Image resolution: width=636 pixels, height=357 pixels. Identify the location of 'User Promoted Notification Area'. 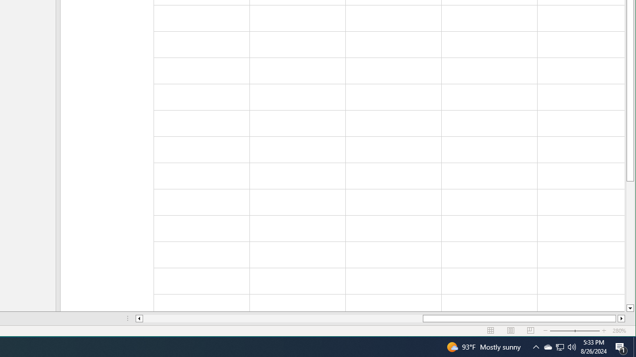
(560, 346).